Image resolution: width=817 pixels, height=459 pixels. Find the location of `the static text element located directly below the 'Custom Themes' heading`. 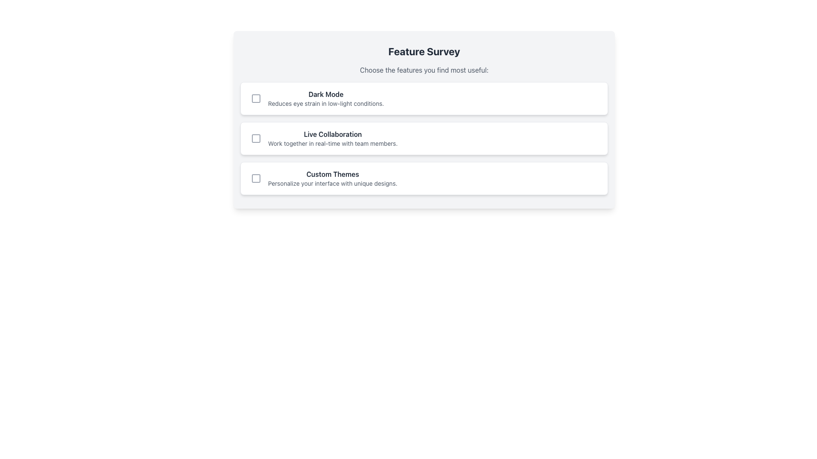

the static text element located directly below the 'Custom Themes' heading is located at coordinates (332, 183).